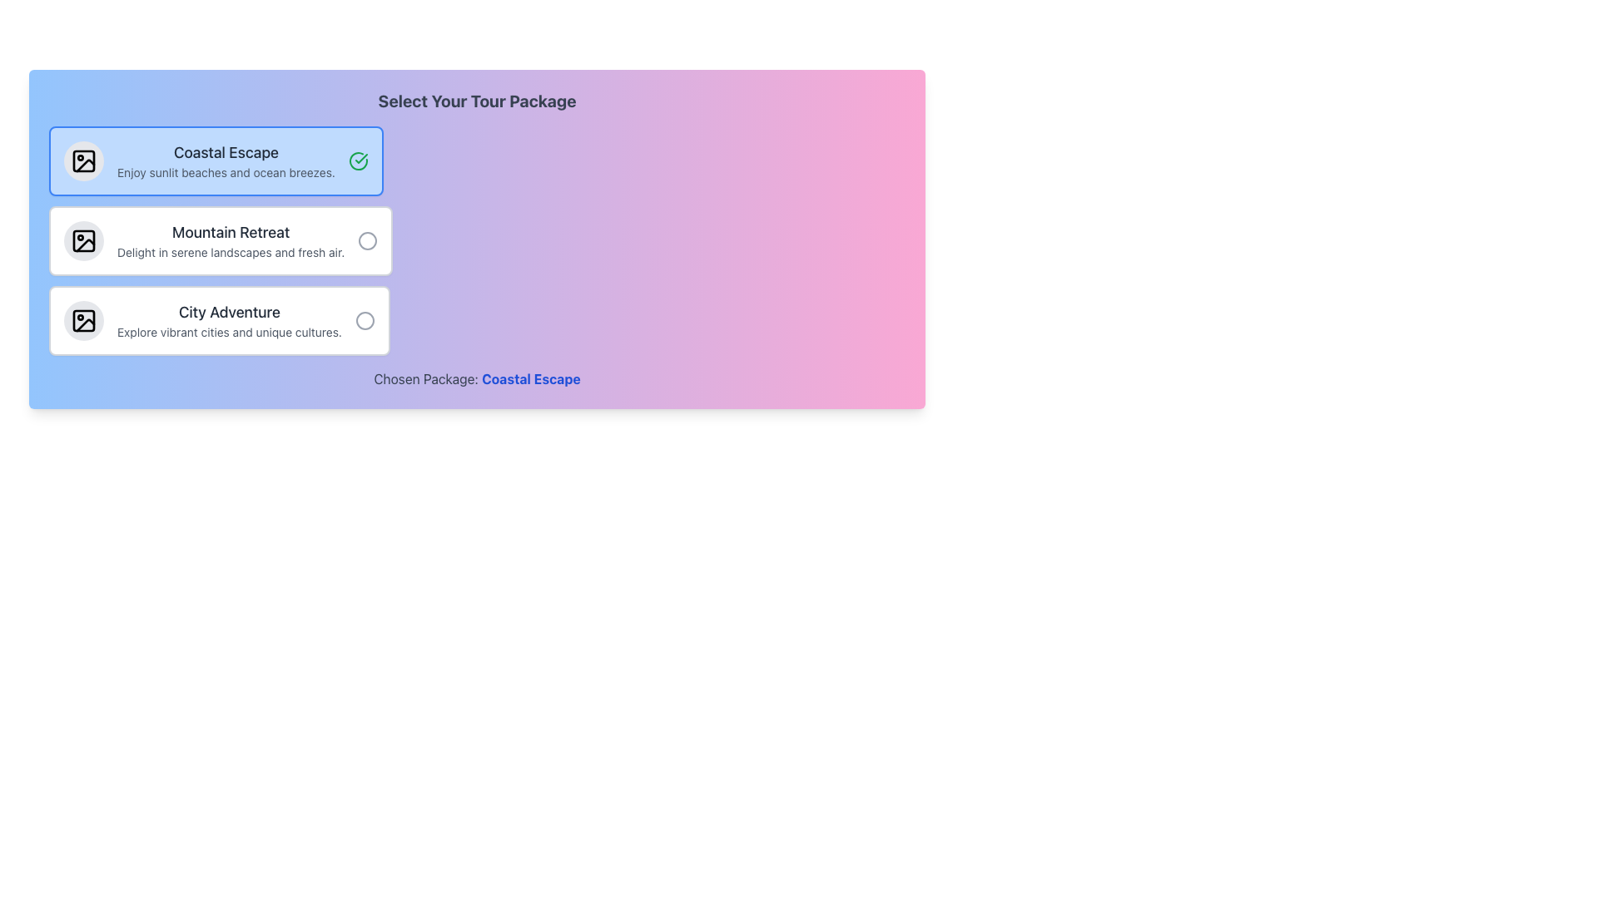 The image size is (1598, 898). Describe the element at coordinates (357, 160) in the screenshot. I see `the checkmark SVG icon that indicates the selection of the current package in the 'Coastal Escape' card, which is the far-right component of the selected card` at that location.